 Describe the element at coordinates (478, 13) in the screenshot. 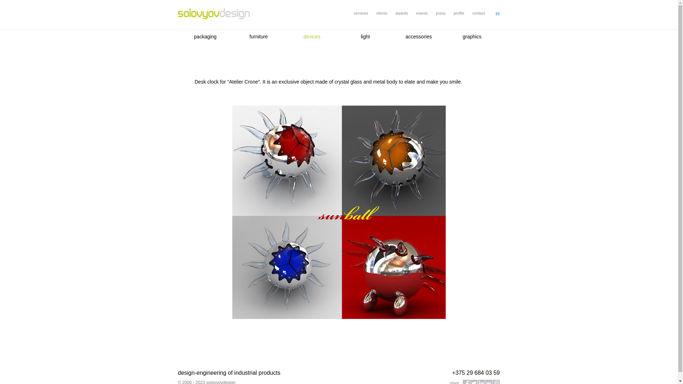

I see `'contact'` at that location.